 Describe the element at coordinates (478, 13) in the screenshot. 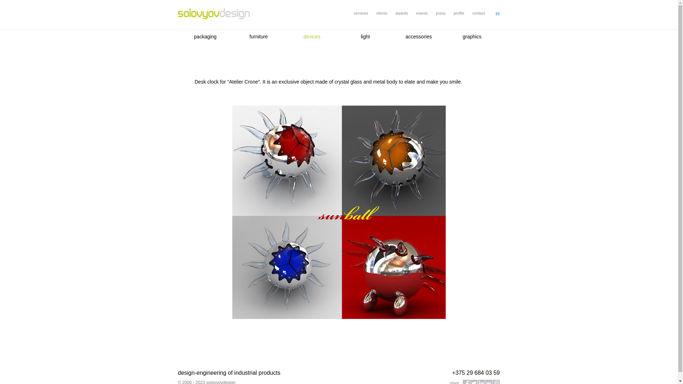

I see `'contact'` at that location.